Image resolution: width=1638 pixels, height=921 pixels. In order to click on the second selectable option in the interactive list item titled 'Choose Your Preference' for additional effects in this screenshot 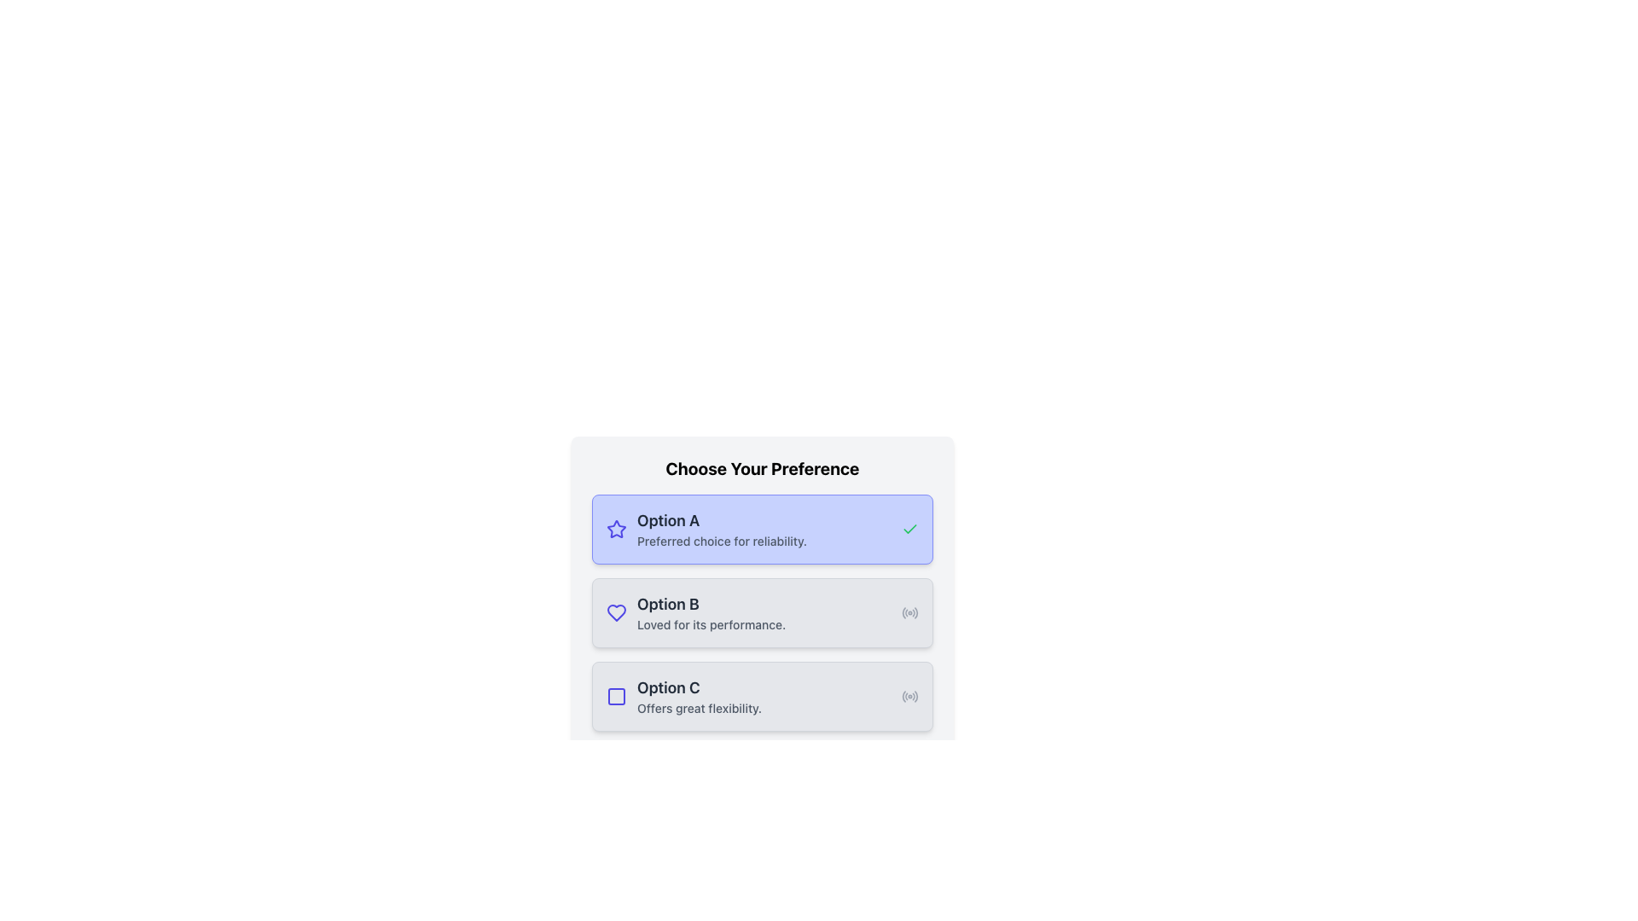, I will do `click(761, 611)`.